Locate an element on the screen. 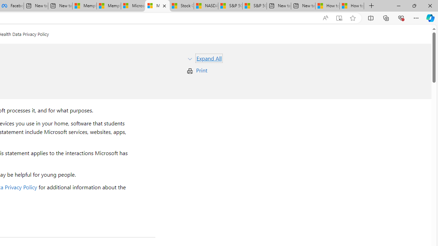 This screenshot has width=438, height=246. 'Collections' is located at coordinates (386, 17).